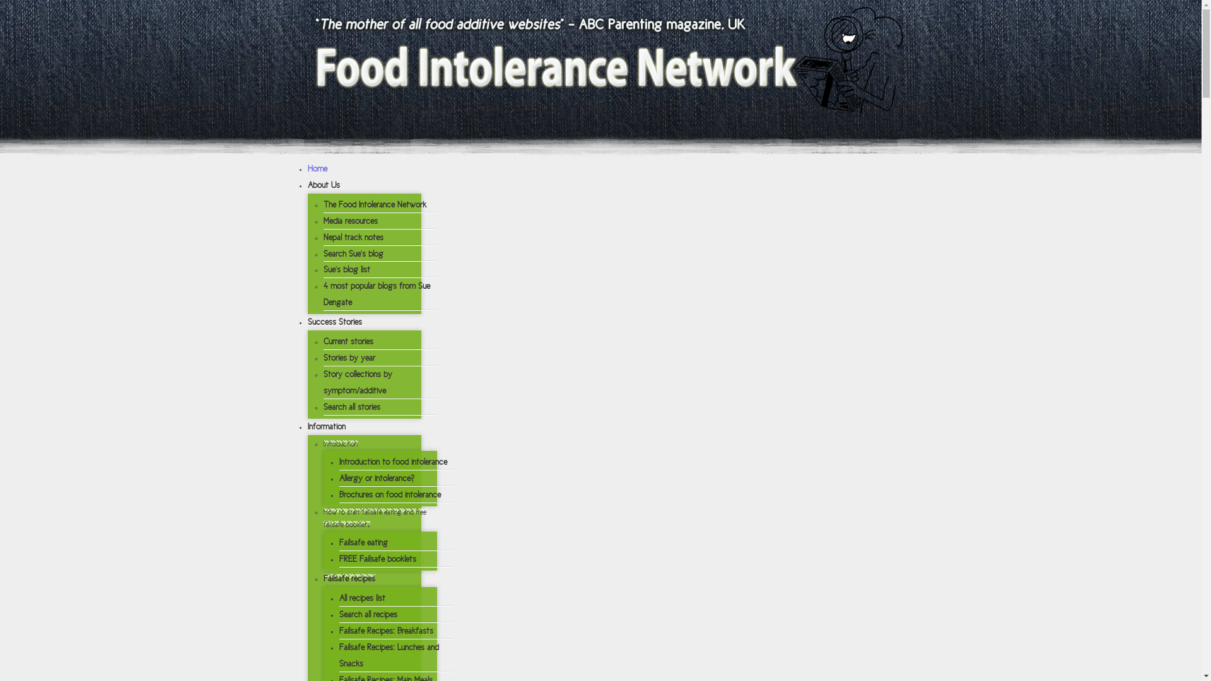 This screenshot has height=681, width=1211. I want to click on 'Introduction to food intolerance', so click(392, 462).